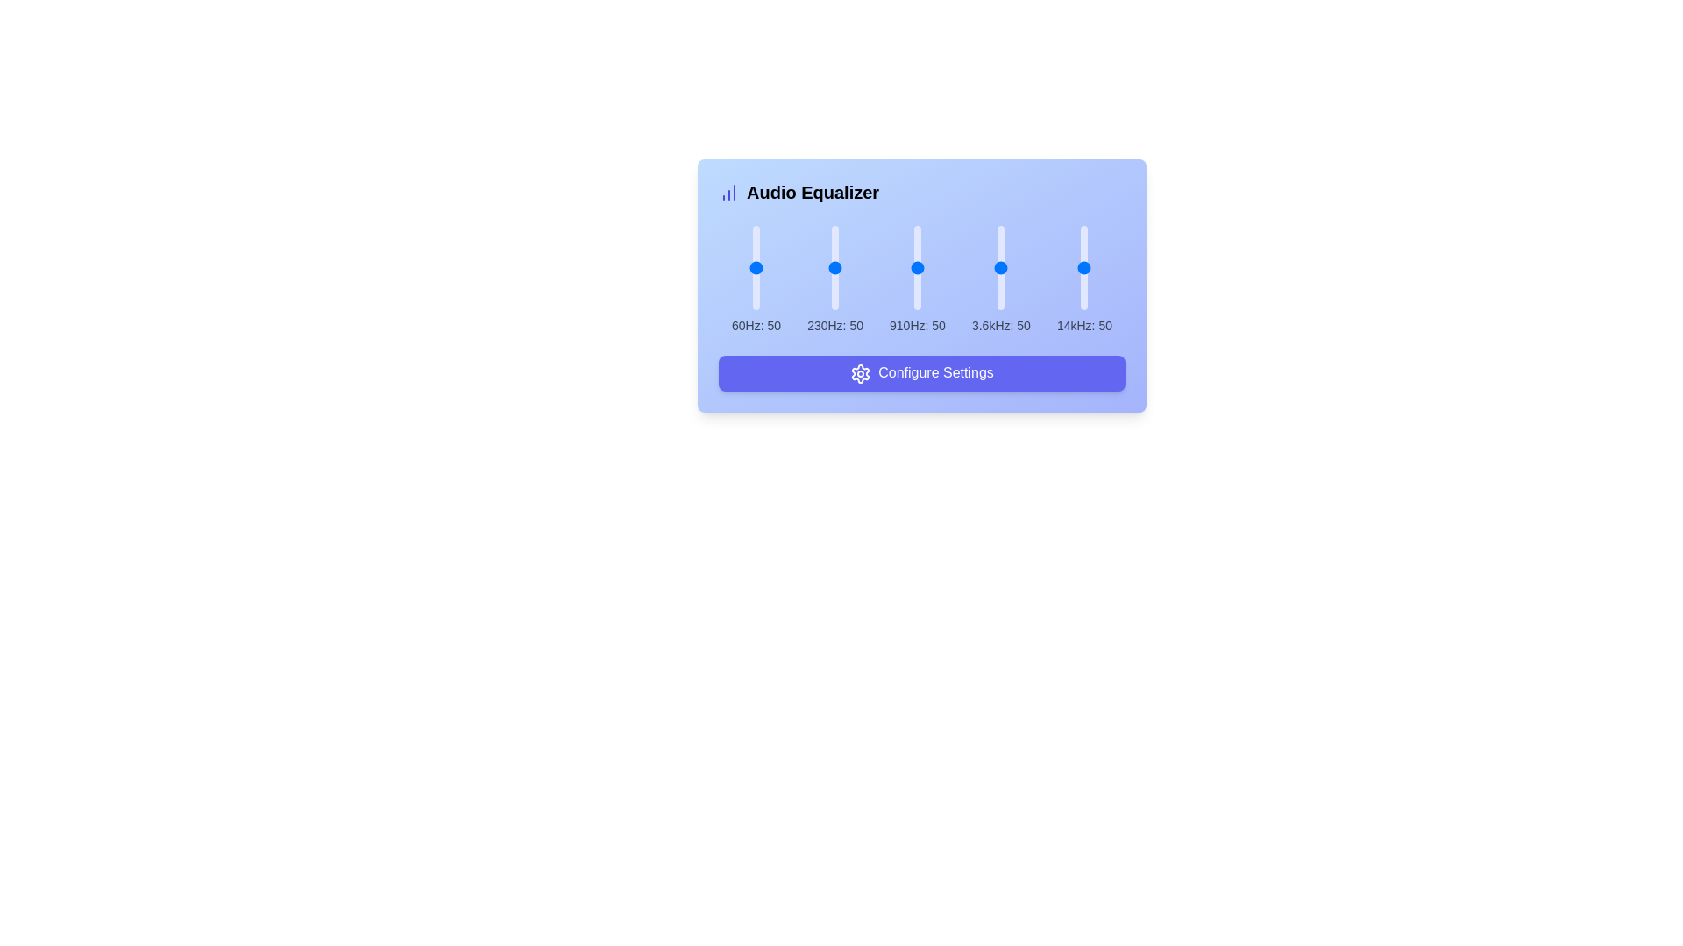 The height and width of the screenshot is (946, 1683). Describe the element at coordinates (1083, 279) in the screenshot. I see `associated label and value of the vertical slider with a blue circular knob, which is the fifth slider in a row, displaying '14kHz: 50' below it` at that location.